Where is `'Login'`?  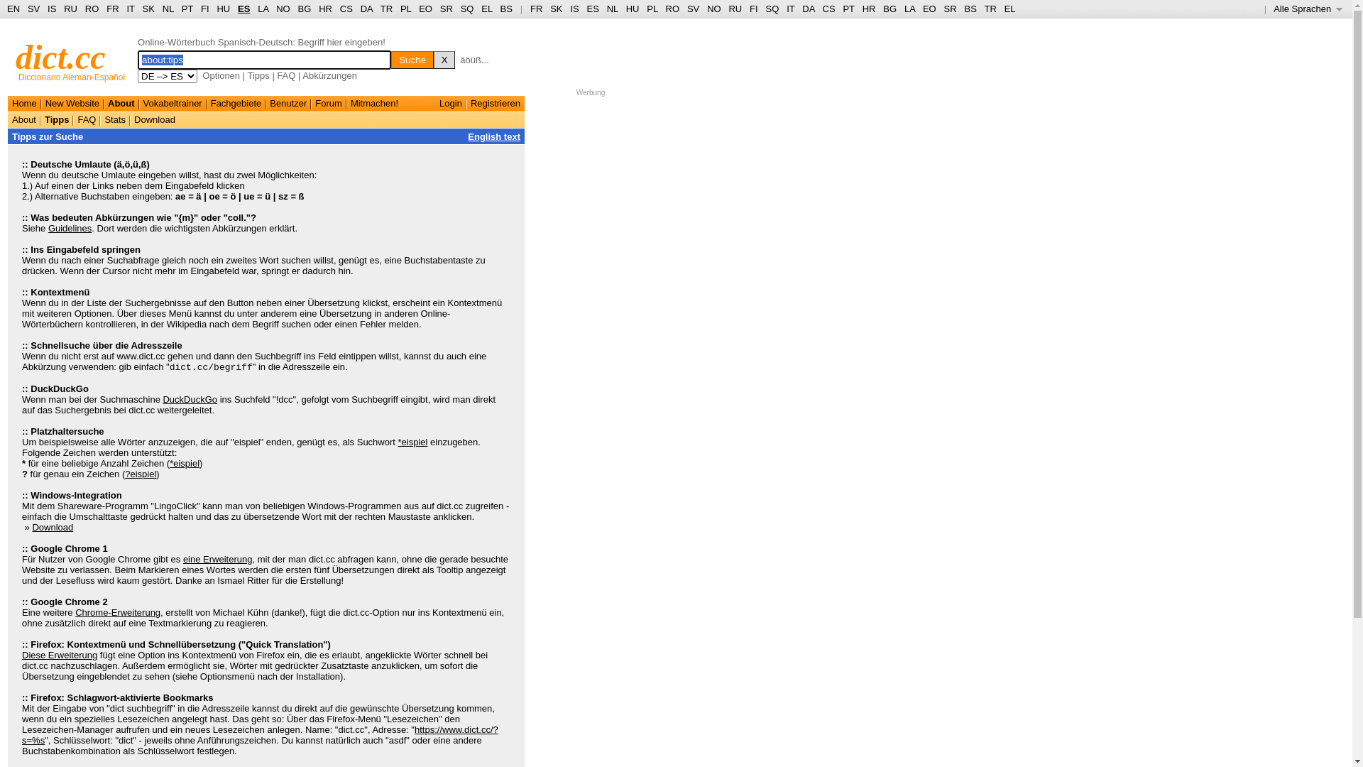 'Login' is located at coordinates (449, 102).